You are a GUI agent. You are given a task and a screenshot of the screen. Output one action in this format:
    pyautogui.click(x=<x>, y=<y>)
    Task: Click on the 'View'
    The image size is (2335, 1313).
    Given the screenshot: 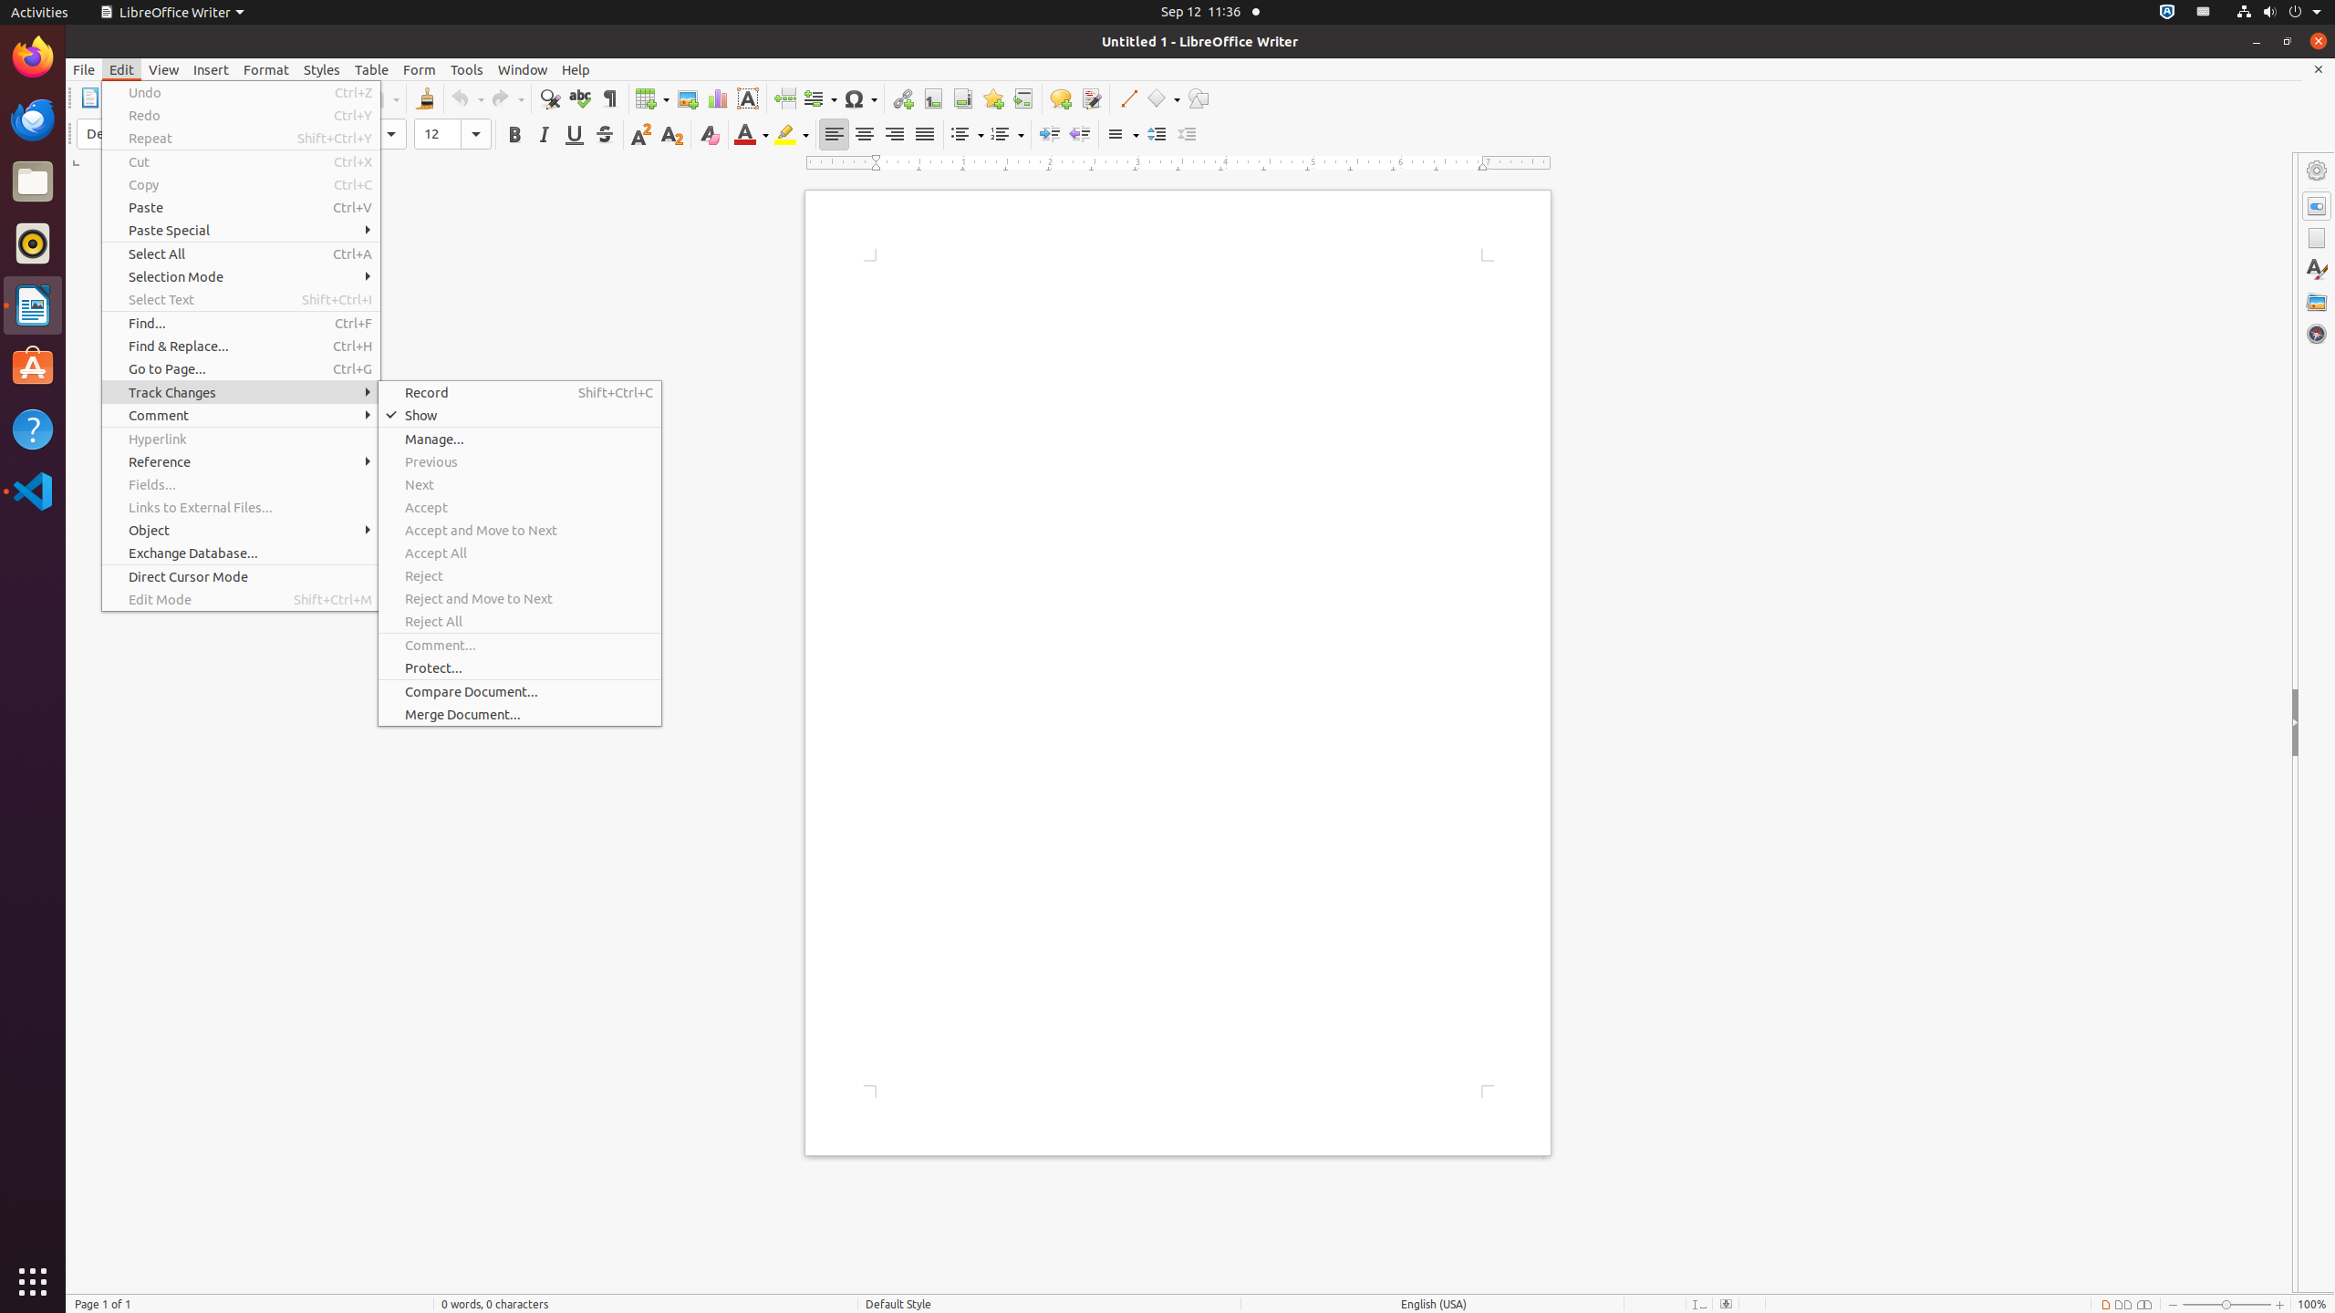 What is the action you would take?
    pyautogui.click(x=163, y=69)
    